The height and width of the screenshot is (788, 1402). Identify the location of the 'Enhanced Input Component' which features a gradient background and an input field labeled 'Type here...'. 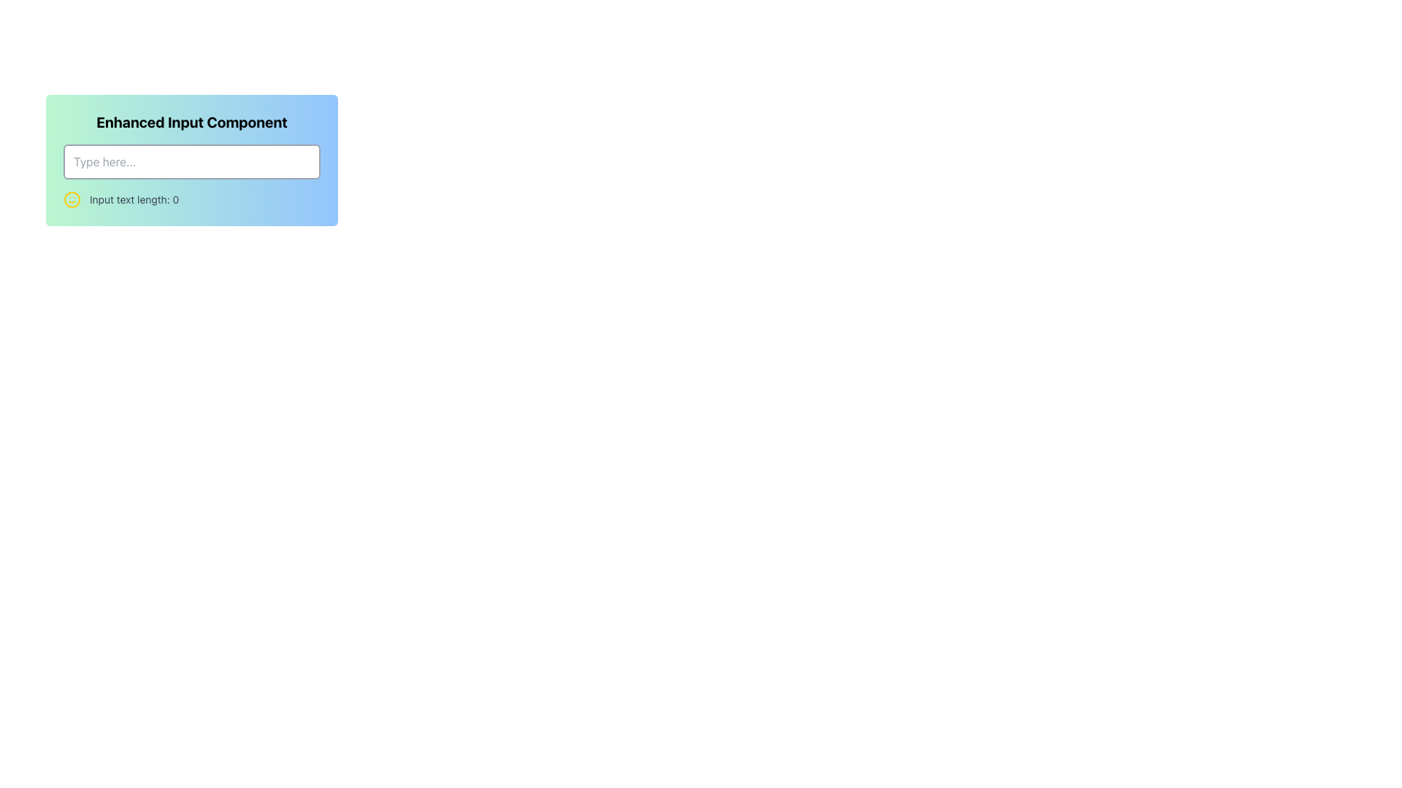
(191, 160).